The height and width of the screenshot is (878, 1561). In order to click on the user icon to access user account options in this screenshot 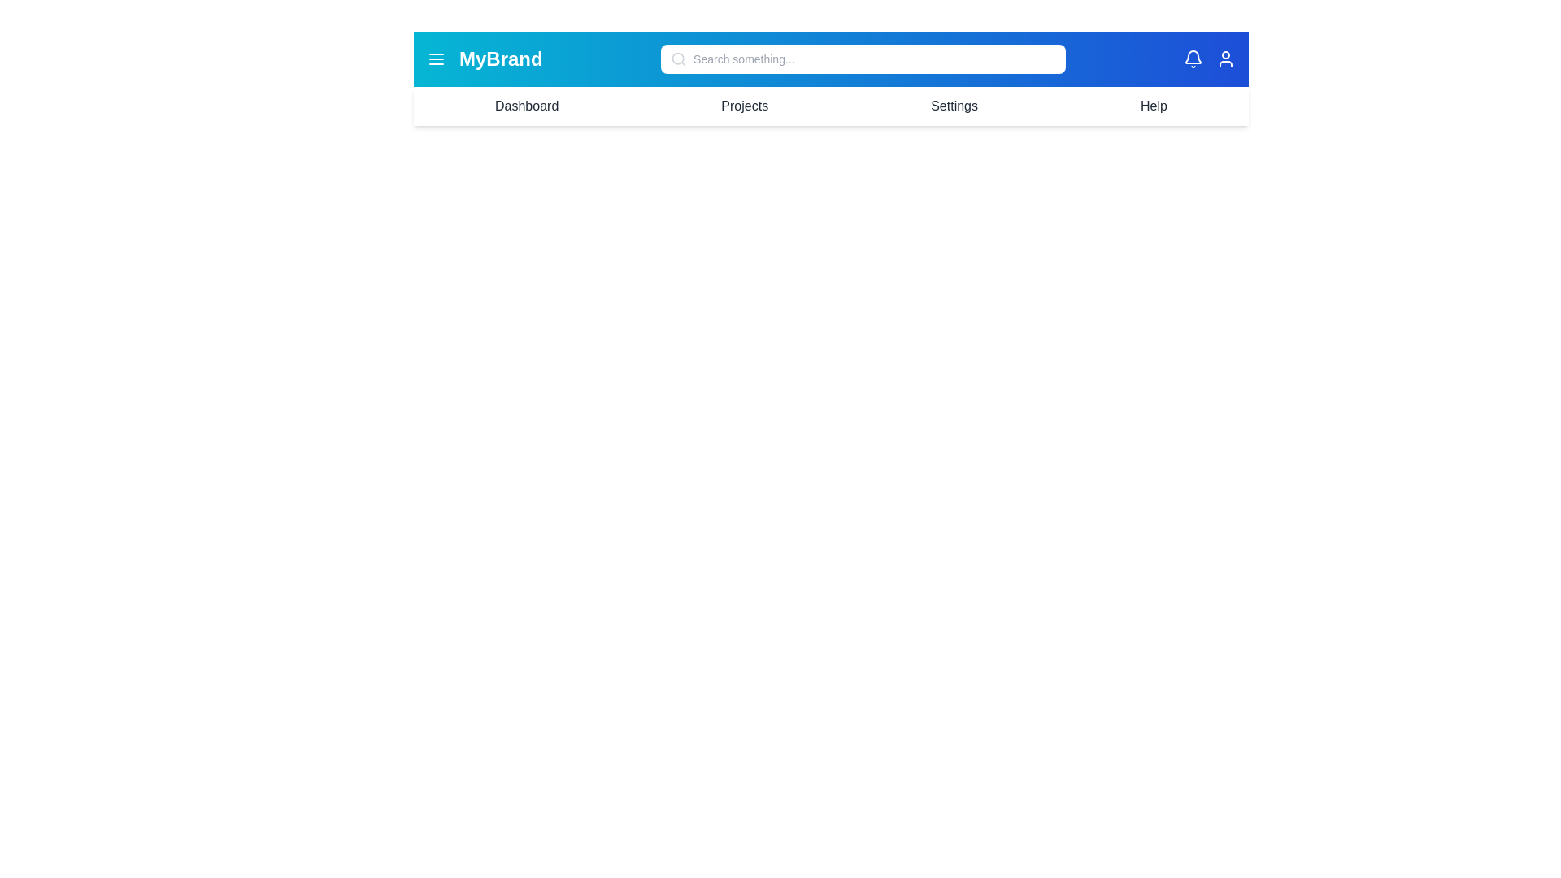, I will do `click(1225, 59)`.